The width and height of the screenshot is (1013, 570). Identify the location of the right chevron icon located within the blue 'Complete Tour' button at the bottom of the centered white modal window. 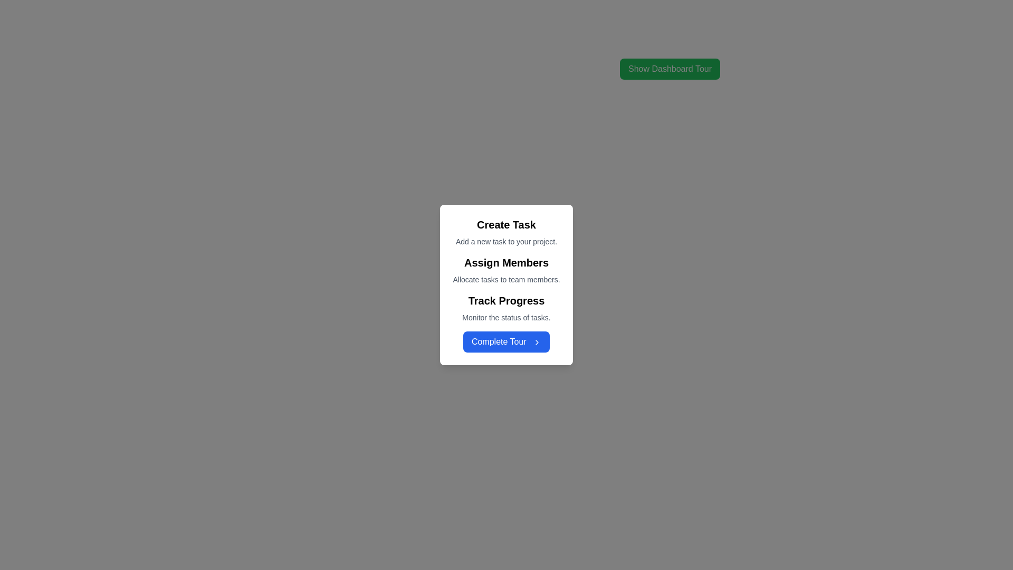
(537, 342).